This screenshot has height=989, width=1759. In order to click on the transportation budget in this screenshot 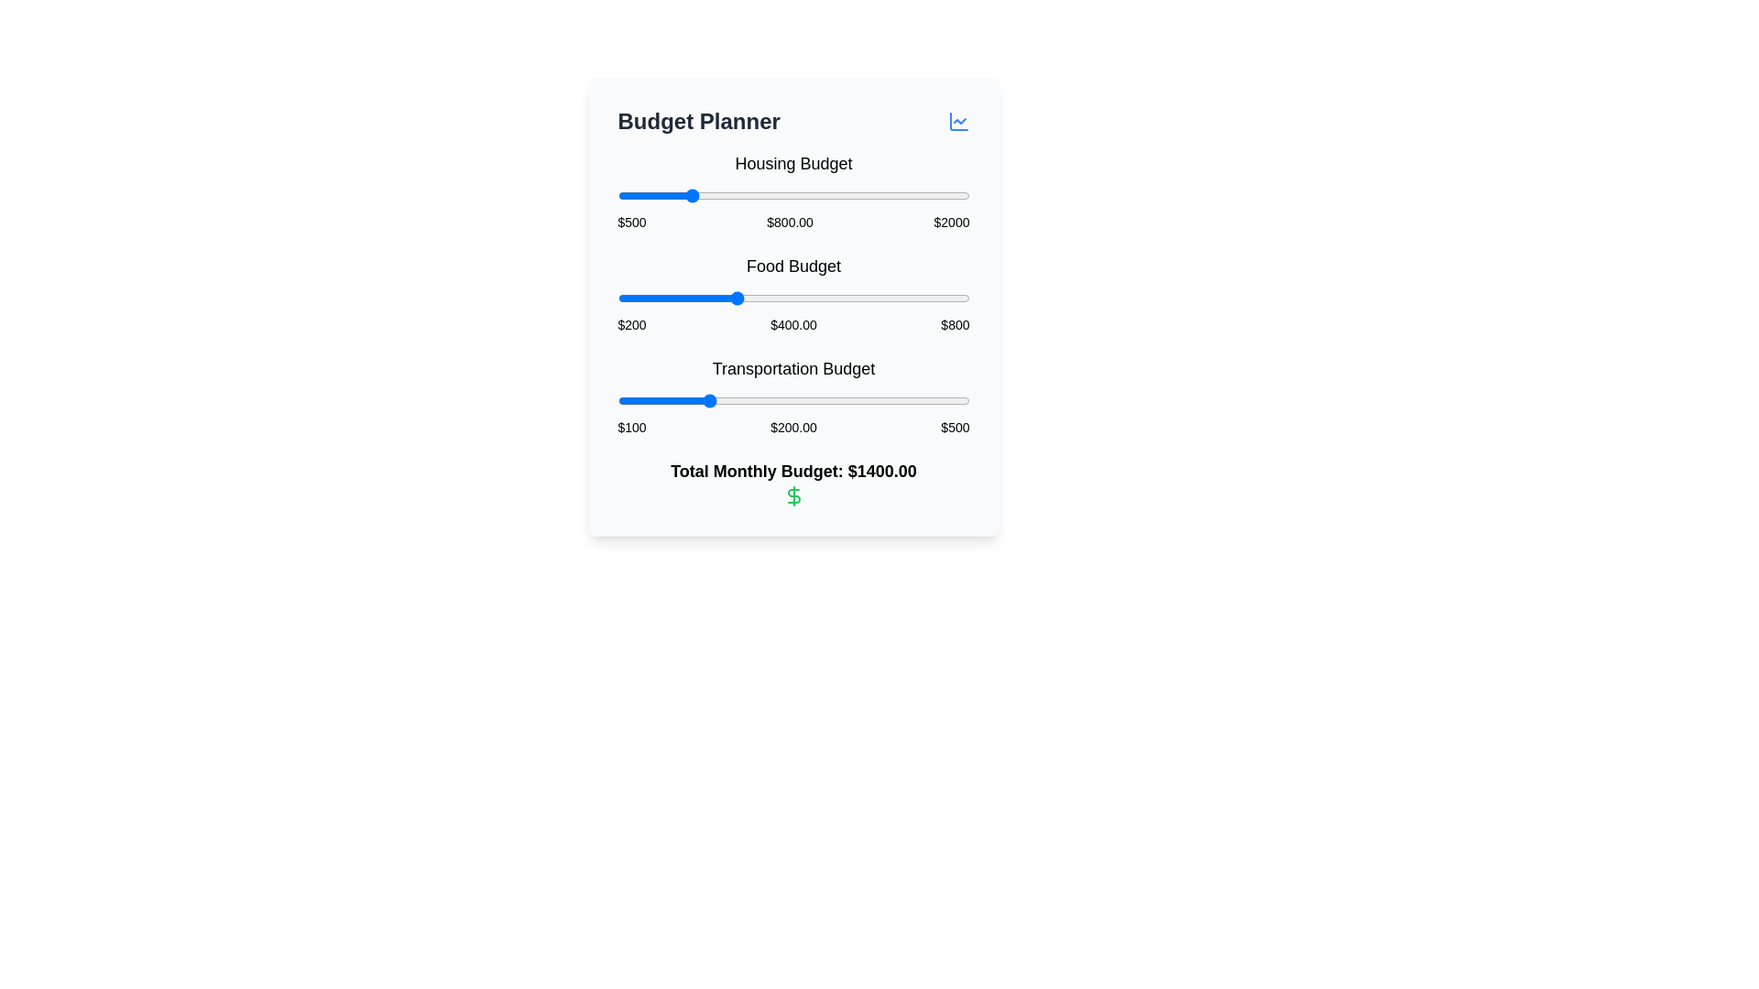, I will do `click(721, 400)`.